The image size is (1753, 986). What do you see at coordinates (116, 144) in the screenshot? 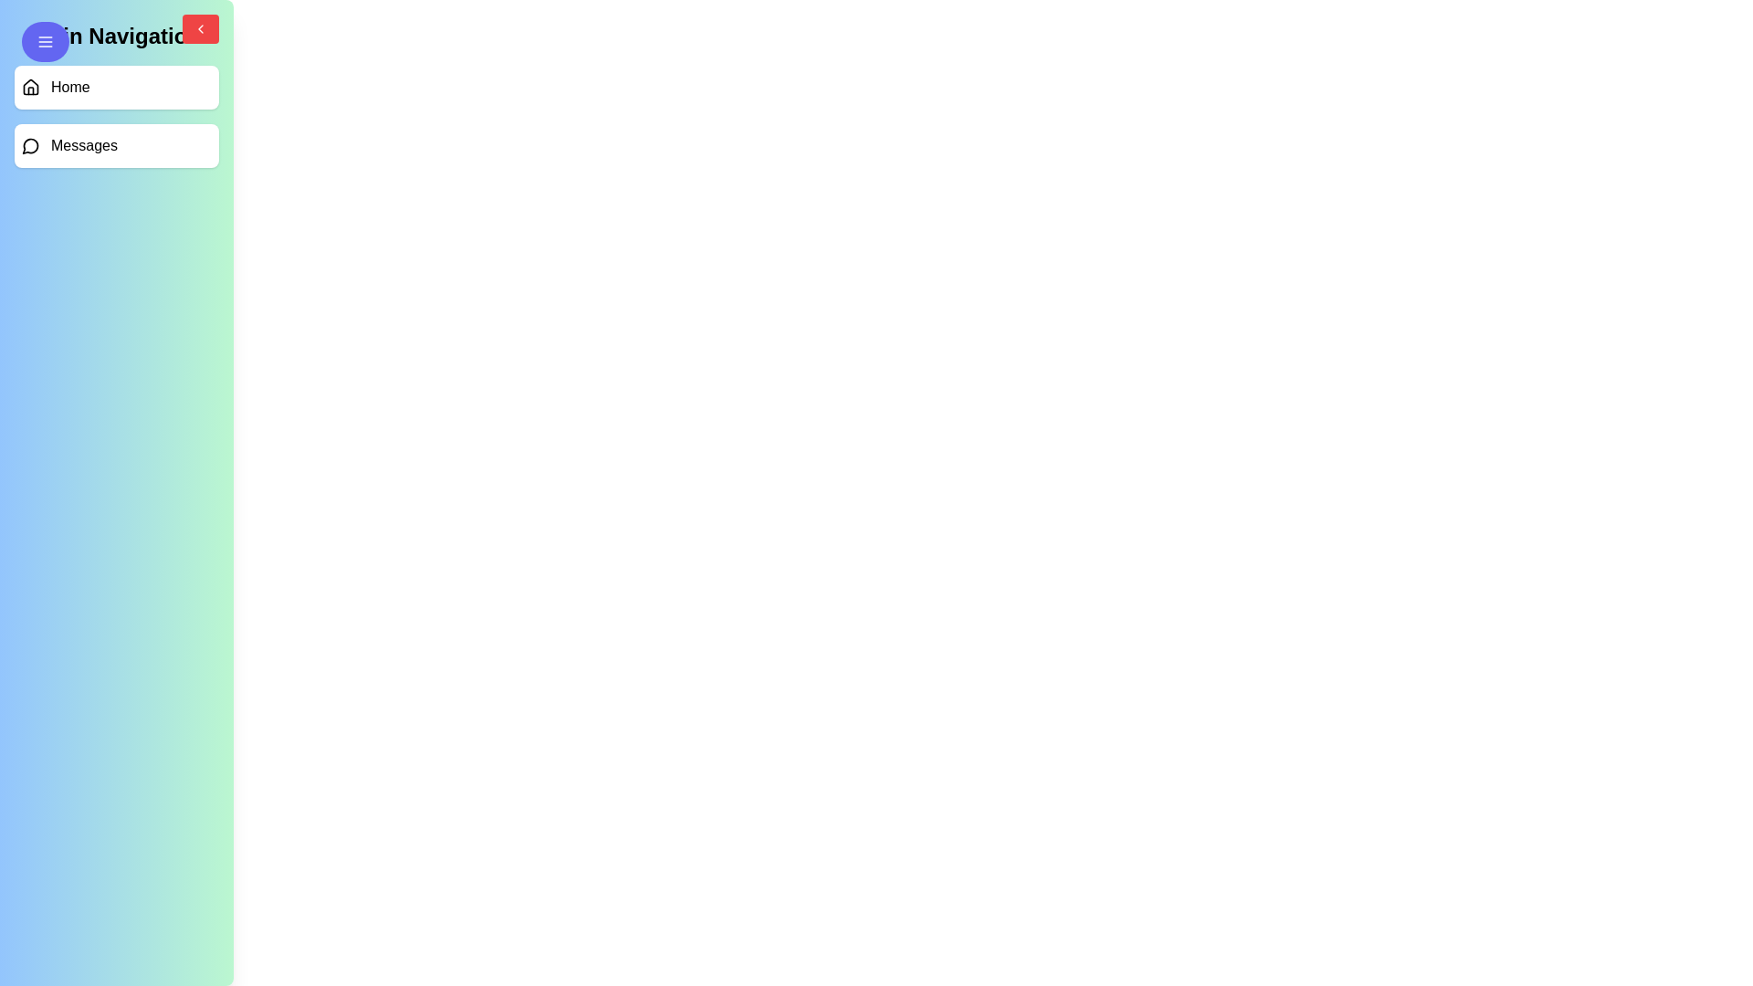
I see `the 'Messages' button located below the 'Home' button` at bounding box center [116, 144].